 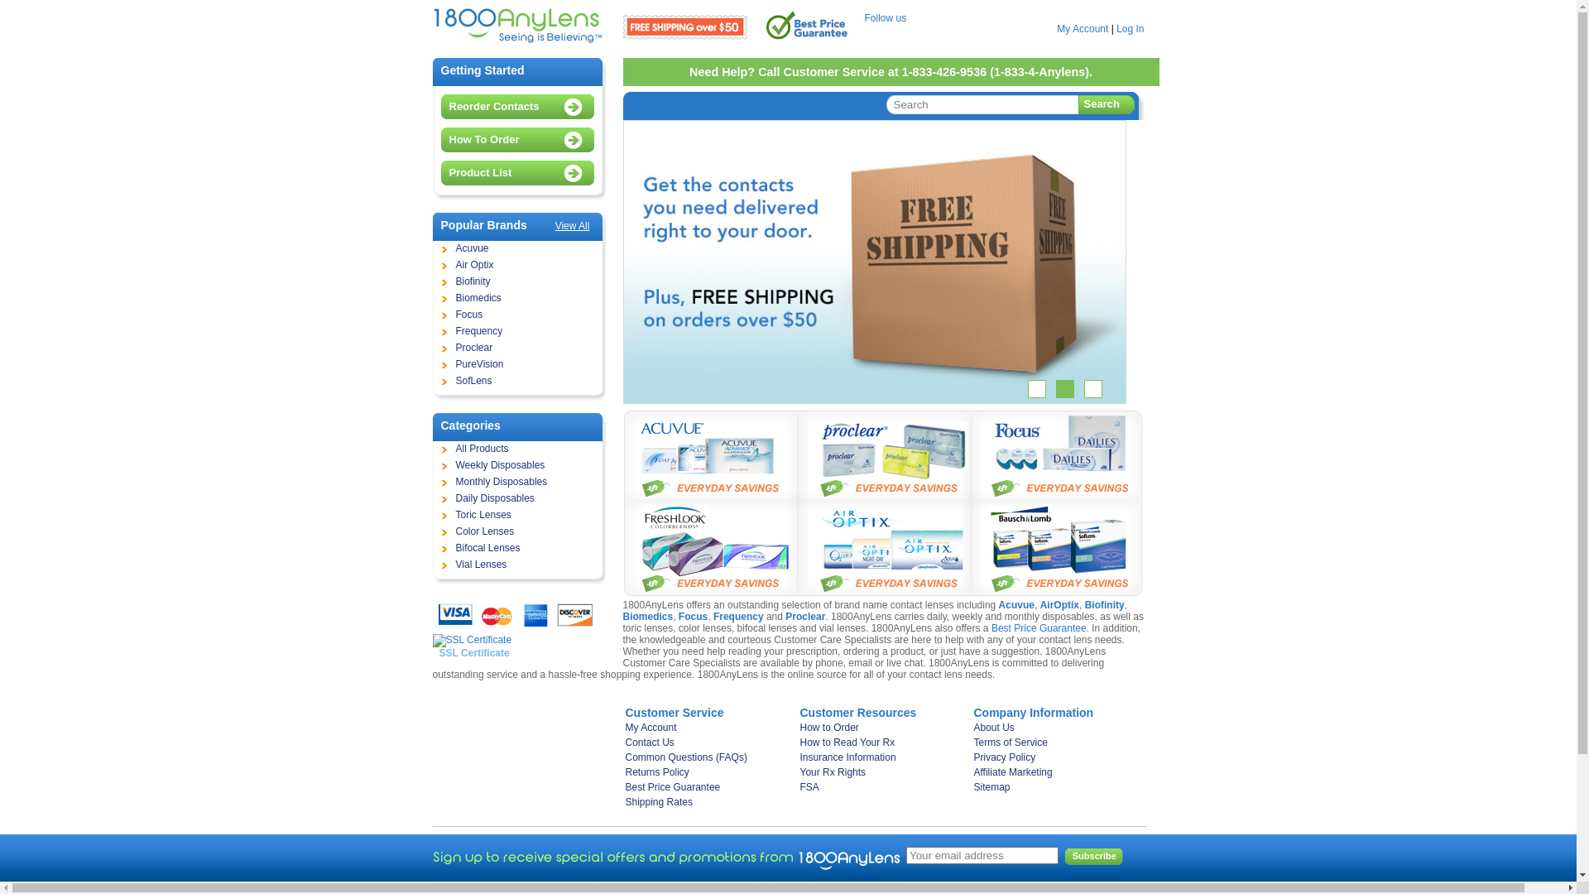 I want to click on 'Insurance Information', so click(x=881, y=757).